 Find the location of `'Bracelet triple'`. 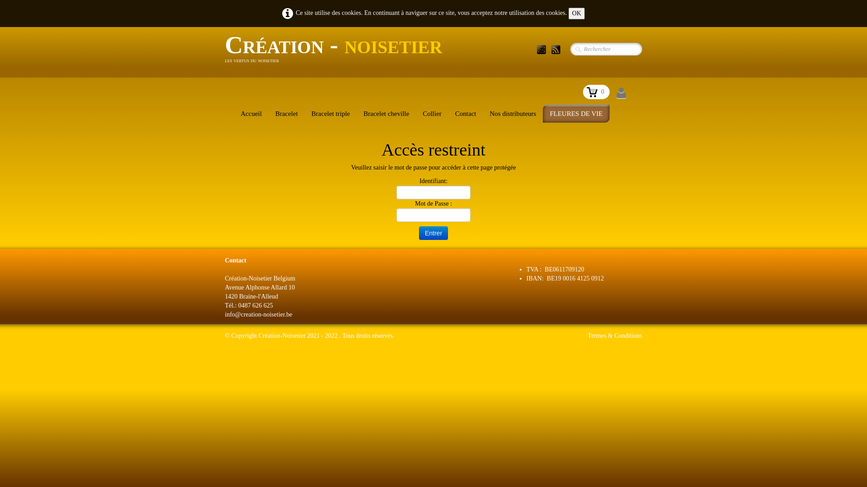

'Bracelet triple' is located at coordinates (330, 113).